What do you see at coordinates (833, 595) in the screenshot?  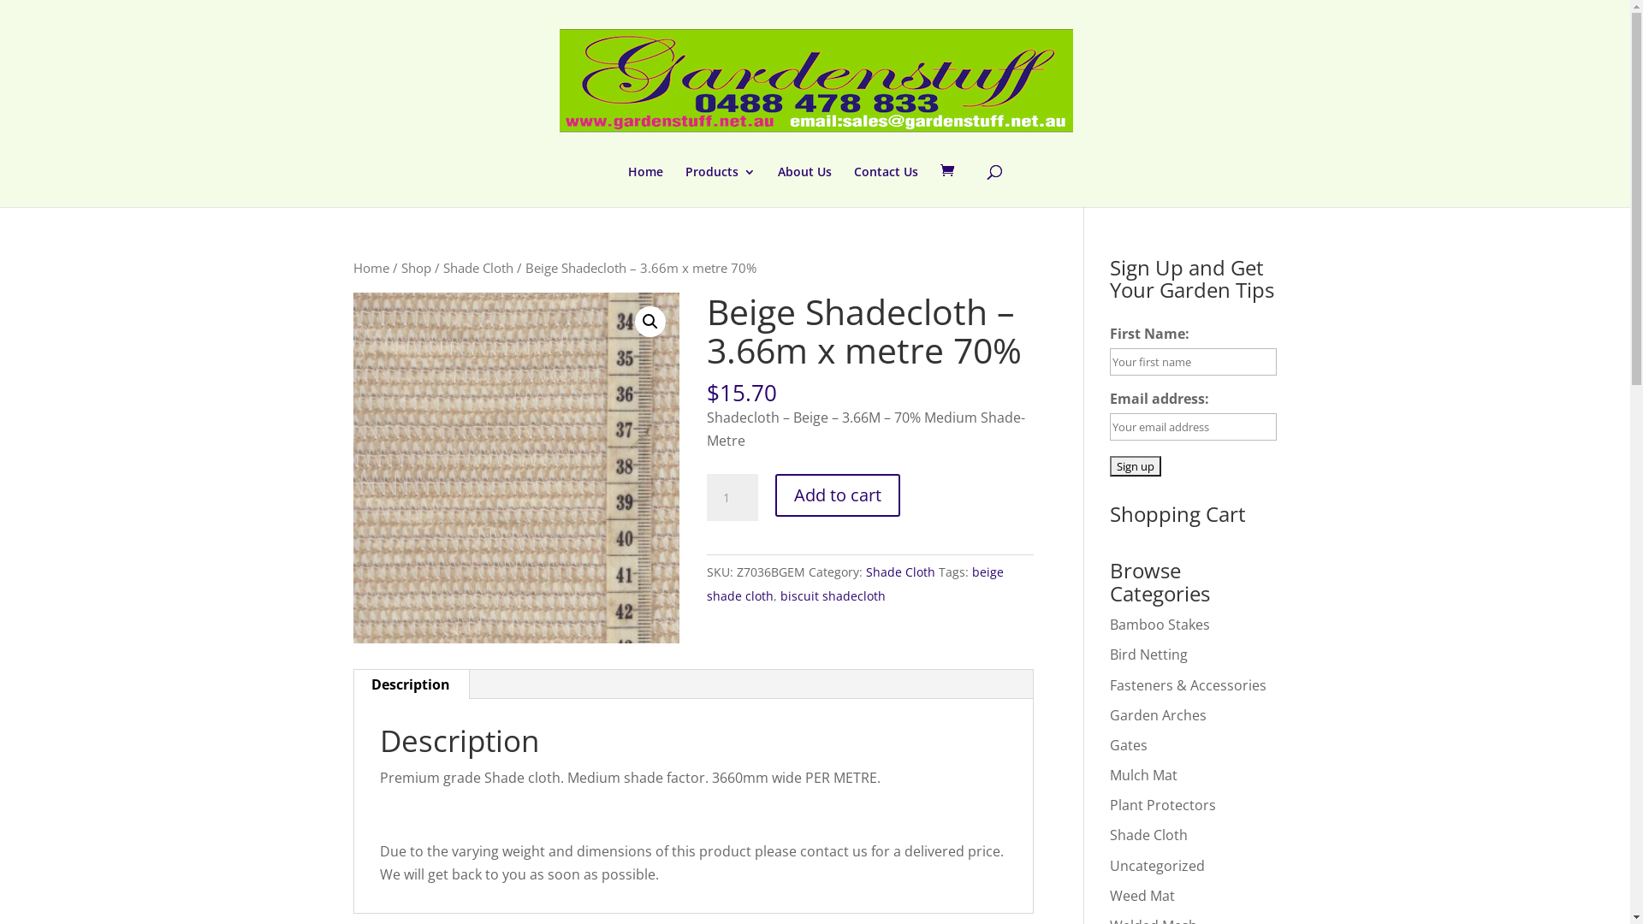 I see `'biscuit shadecloth'` at bounding box center [833, 595].